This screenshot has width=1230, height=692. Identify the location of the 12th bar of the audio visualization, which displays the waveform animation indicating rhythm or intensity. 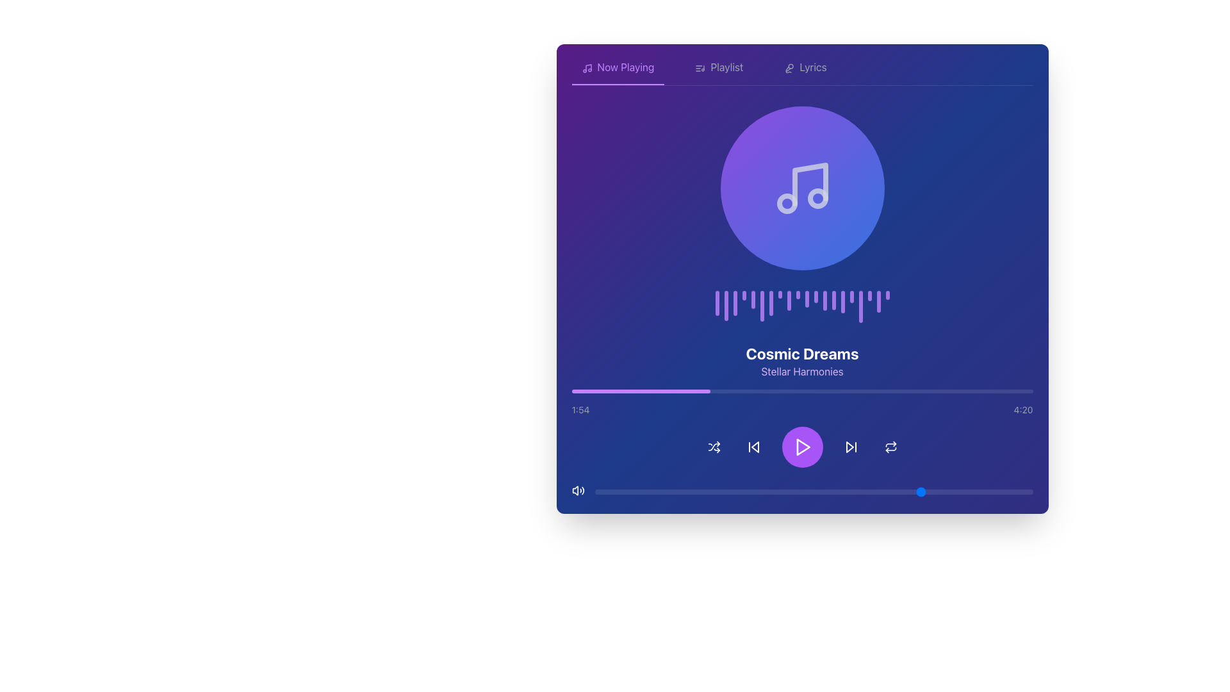
(815, 297).